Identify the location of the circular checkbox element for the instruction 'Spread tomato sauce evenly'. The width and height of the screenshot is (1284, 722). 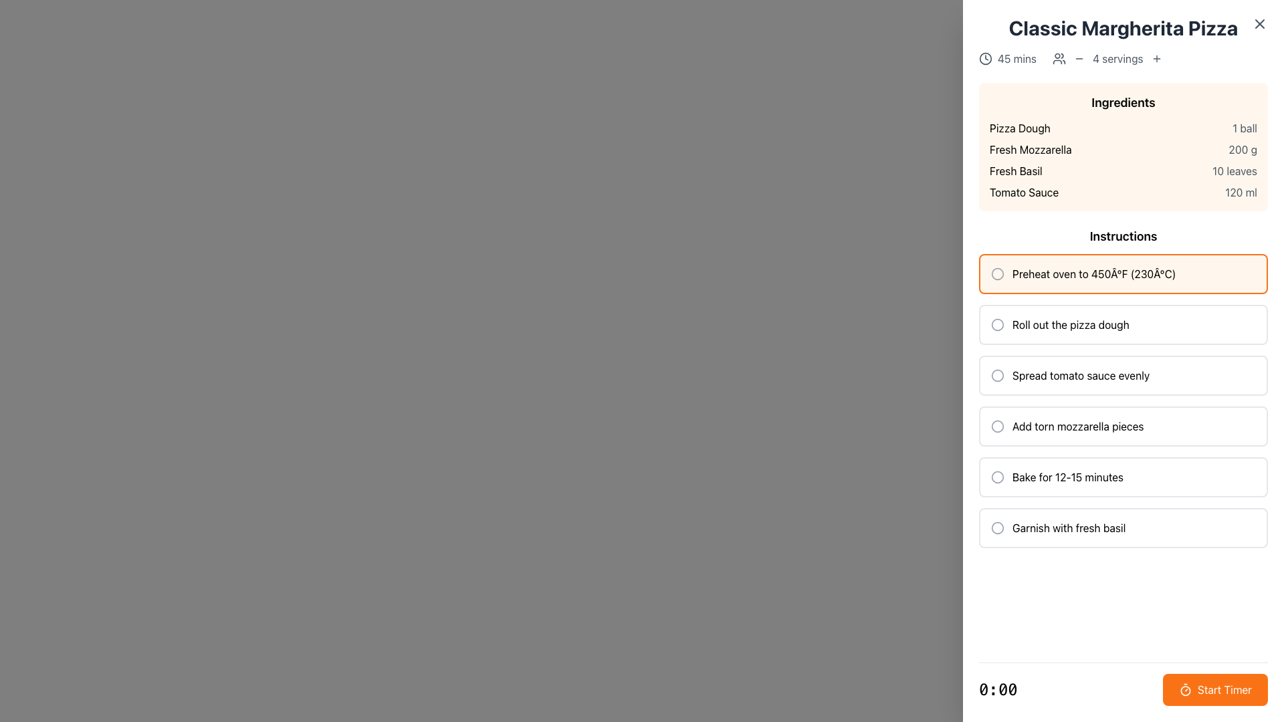
(998, 376).